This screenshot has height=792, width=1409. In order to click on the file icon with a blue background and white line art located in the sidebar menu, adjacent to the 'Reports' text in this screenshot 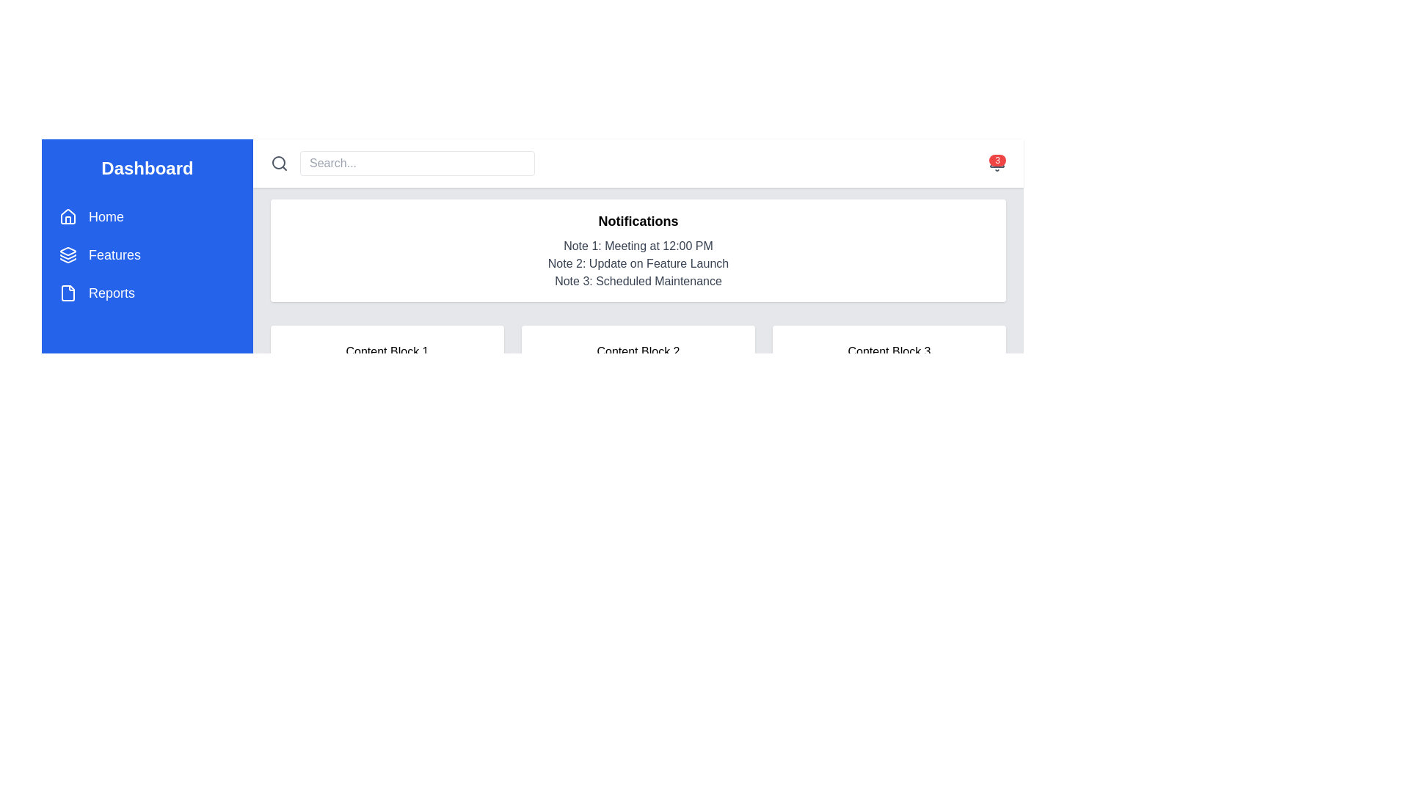, I will do `click(67, 293)`.